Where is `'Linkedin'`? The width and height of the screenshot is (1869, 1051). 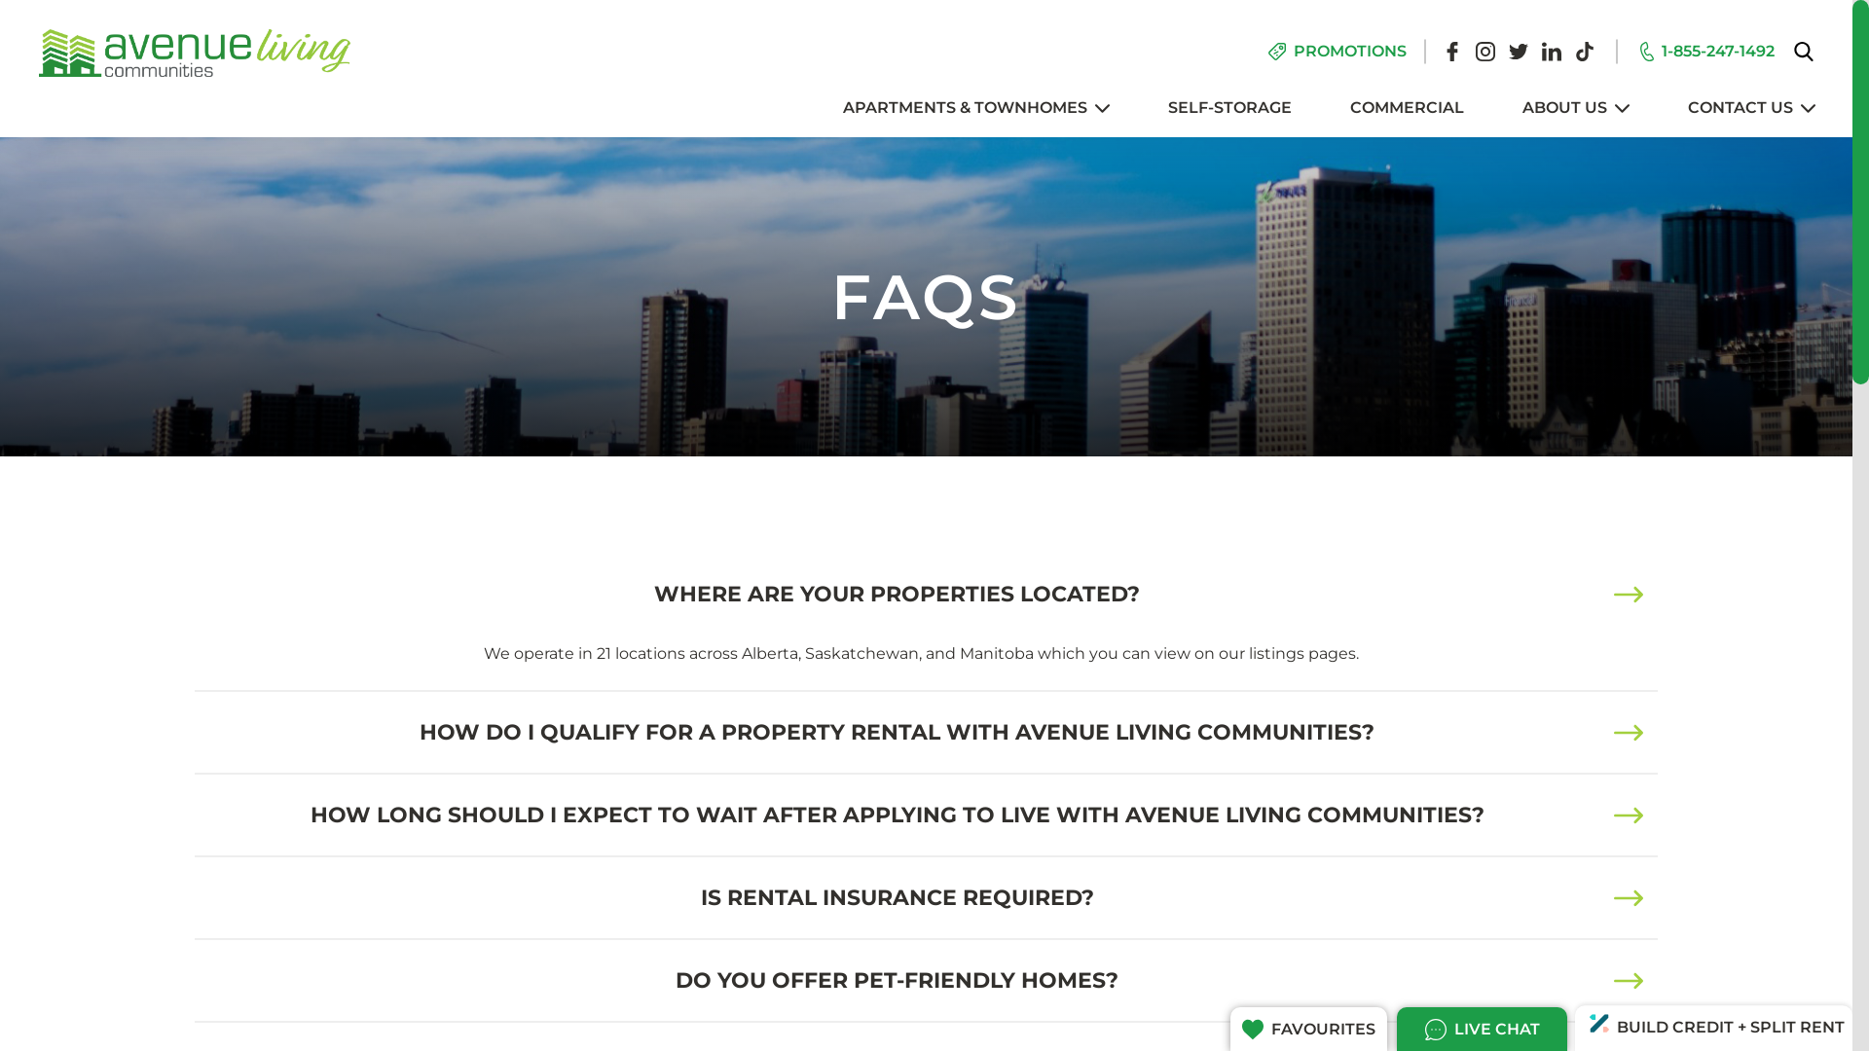
'Linkedin' is located at coordinates (1550, 51).